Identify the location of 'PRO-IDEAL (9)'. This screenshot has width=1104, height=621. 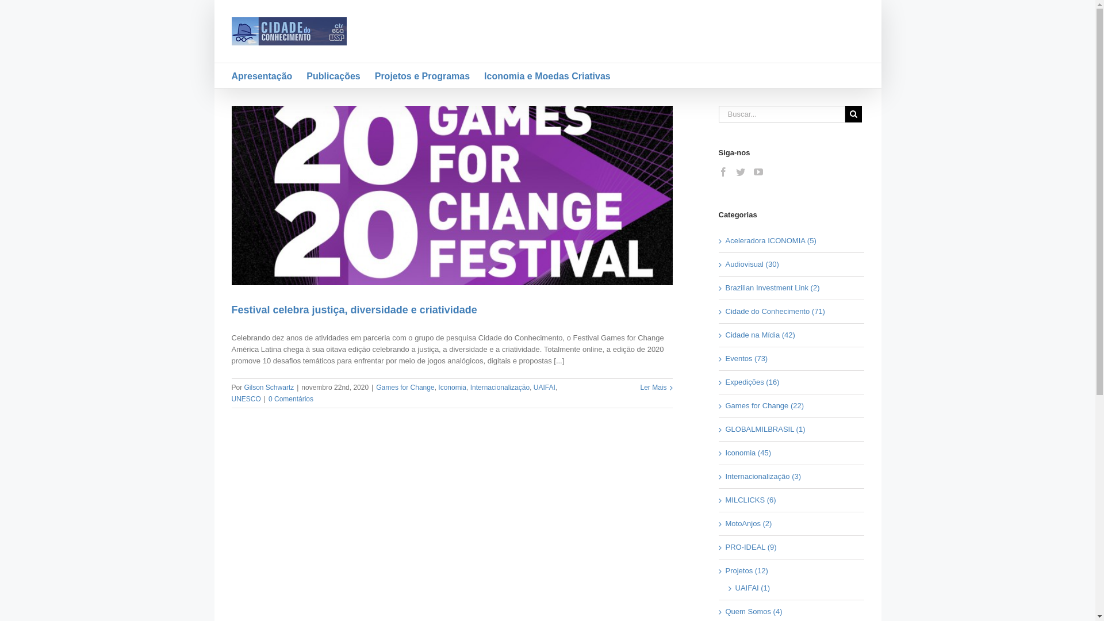
(791, 547).